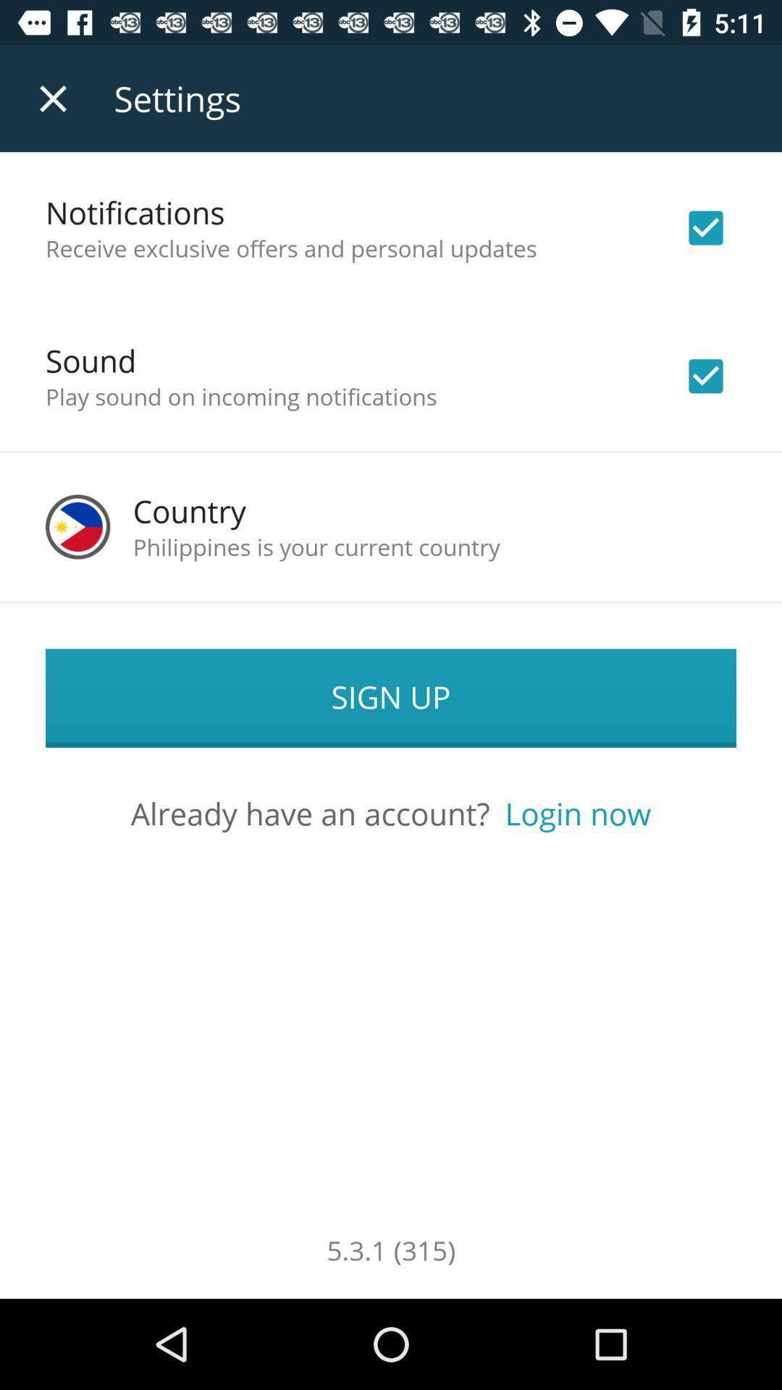 This screenshot has height=1390, width=782. What do you see at coordinates (577, 813) in the screenshot?
I see `the icon to the right of already have an icon` at bounding box center [577, 813].